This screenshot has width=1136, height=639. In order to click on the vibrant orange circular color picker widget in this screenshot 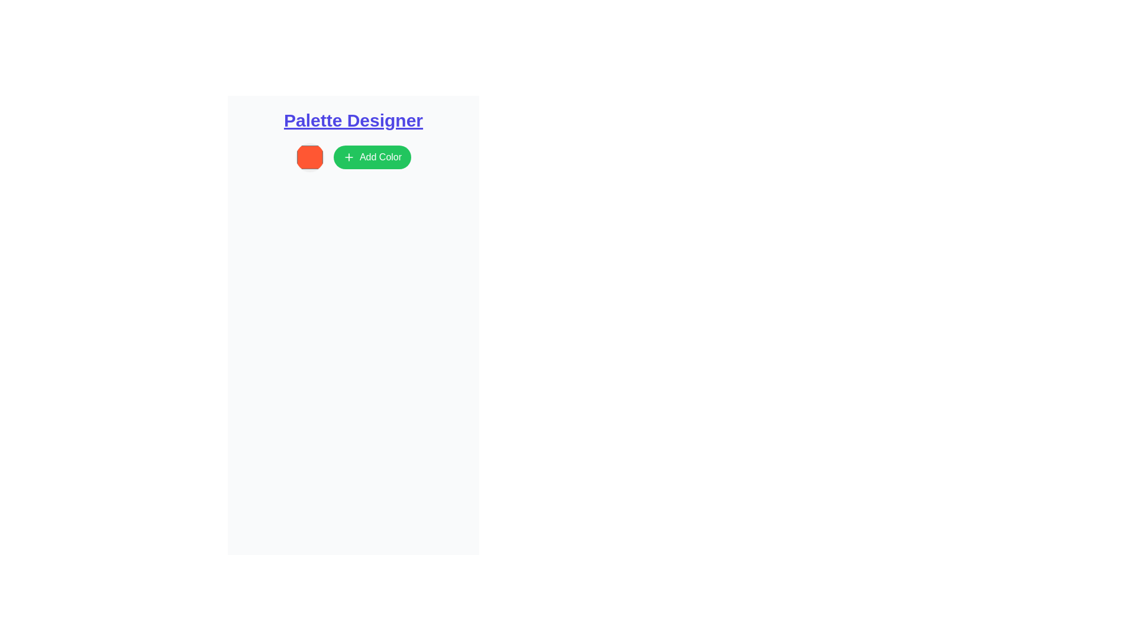, I will do `click(309, 157)`.